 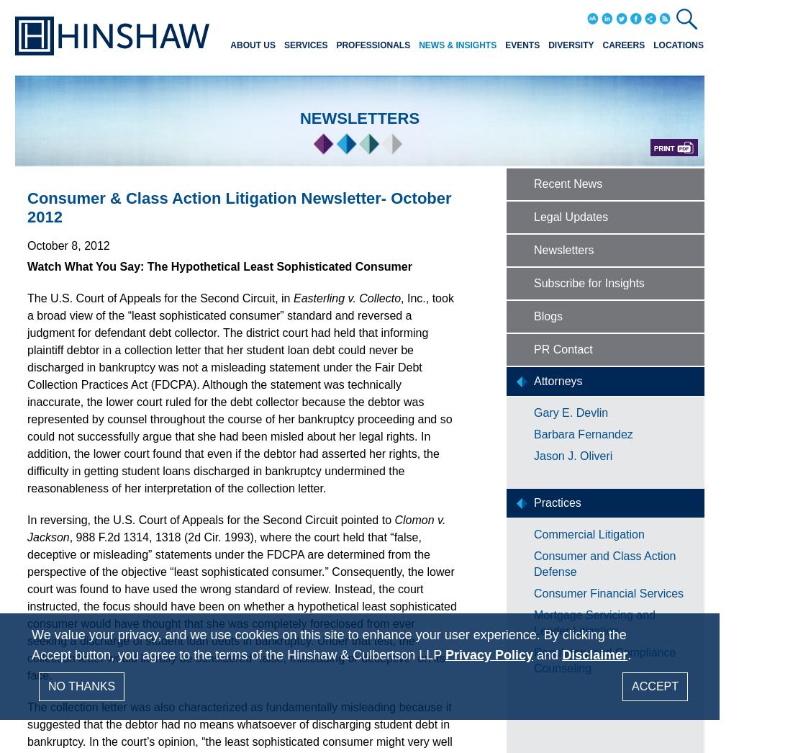 I want to click on 'Careers', so click(x=622, y=45).